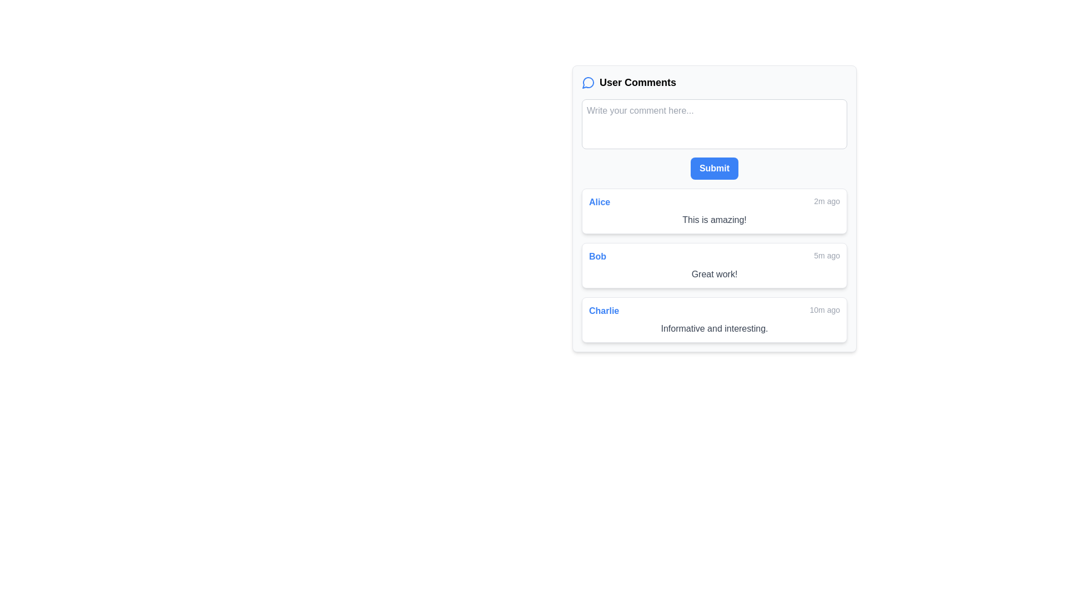 The image size is (1066, 599). I want to click on text from the text block displaying 'Informative and interesting.' located under the user's comment section, below the username 'Charlie' and the timestamp '10m ago', so click(714, 328).